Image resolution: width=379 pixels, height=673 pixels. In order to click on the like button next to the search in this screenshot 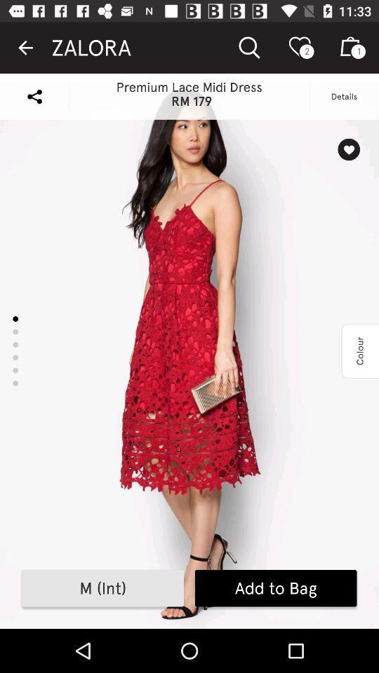, I will do `click(301, 48)`.